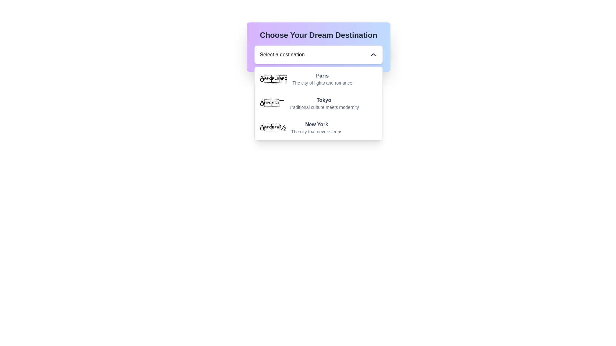 The image size is (616, 346). I want to click on descriptive text label representing a selectable destination option within the dropdown list, located between entries for 'Paris' and 'New York', so click(324, 100).